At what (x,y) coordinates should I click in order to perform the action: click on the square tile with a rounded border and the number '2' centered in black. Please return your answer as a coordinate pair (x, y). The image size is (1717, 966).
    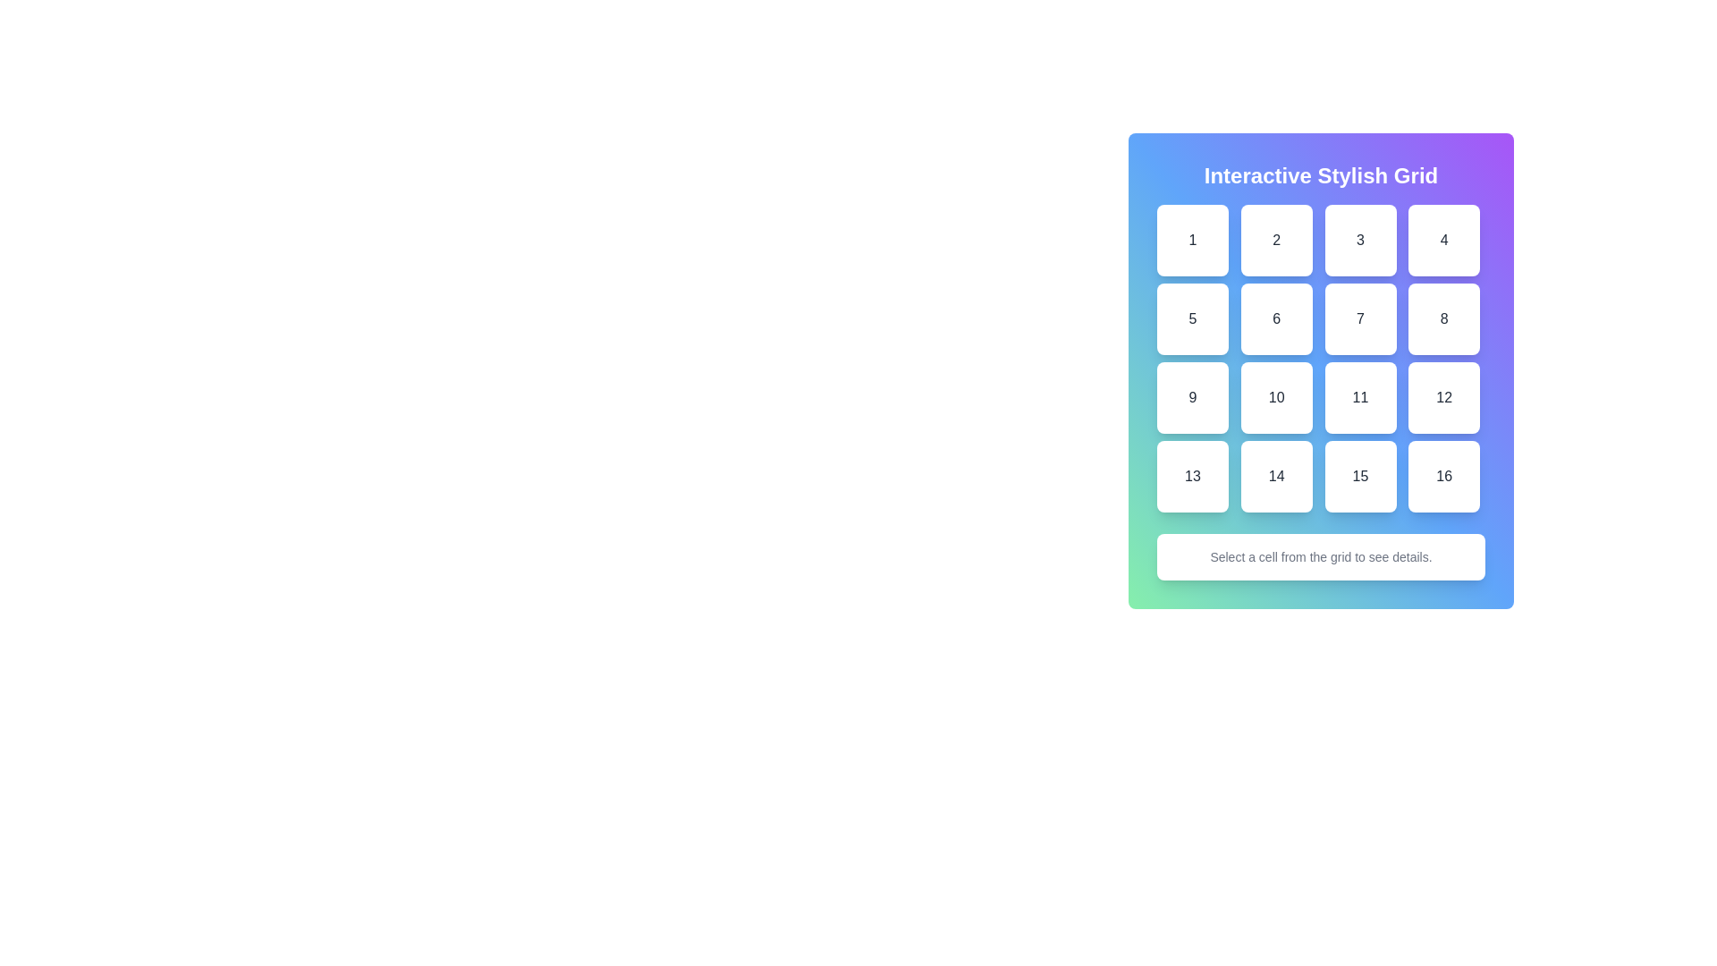
    Looking at the image, I should click on (1275, 240).